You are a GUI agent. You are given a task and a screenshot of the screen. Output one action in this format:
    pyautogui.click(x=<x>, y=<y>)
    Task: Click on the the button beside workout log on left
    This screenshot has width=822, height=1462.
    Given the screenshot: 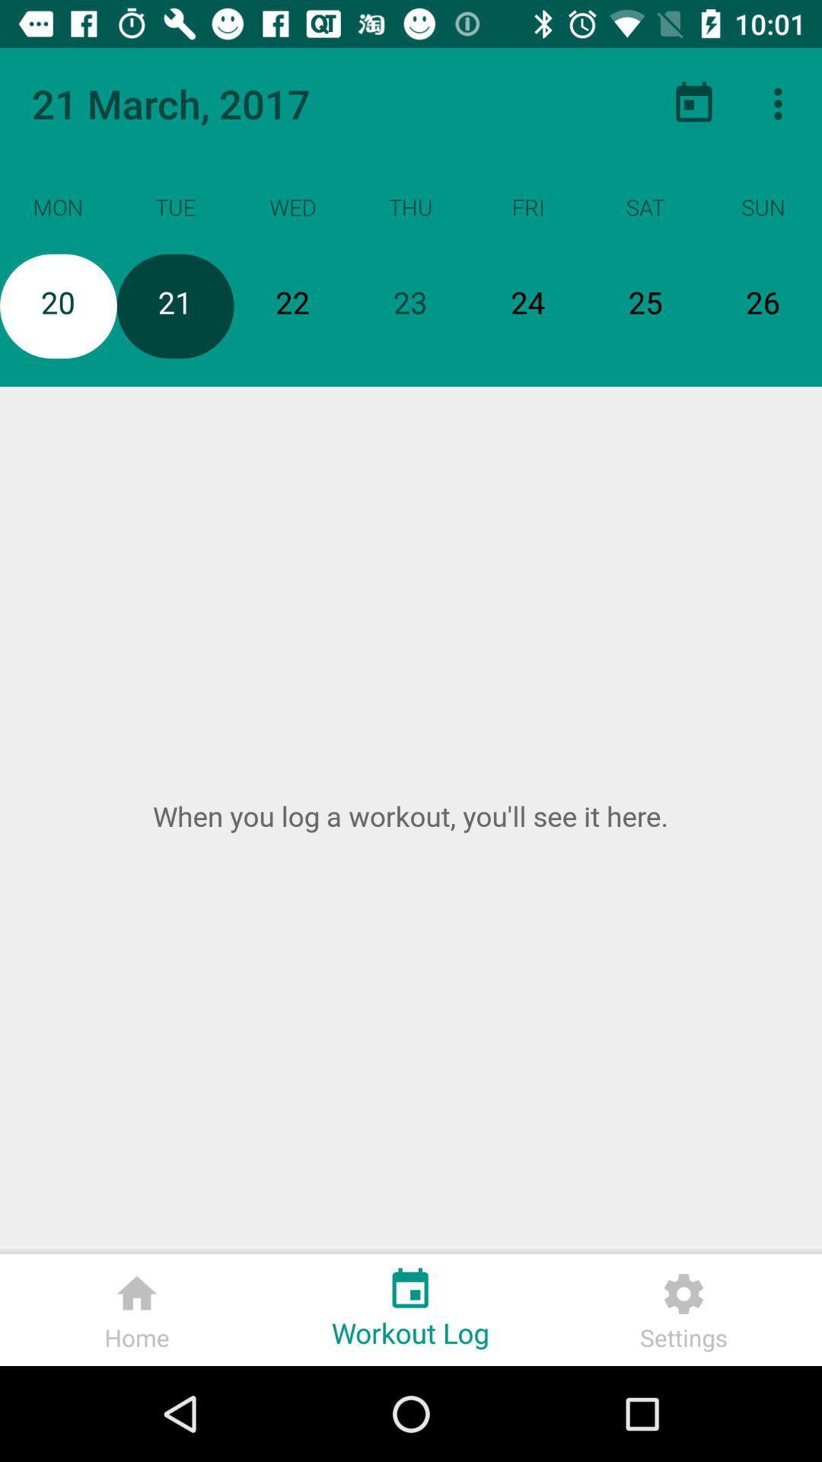 What is the action you would take?
    pyautogui.click(x=137, y=1309)
    